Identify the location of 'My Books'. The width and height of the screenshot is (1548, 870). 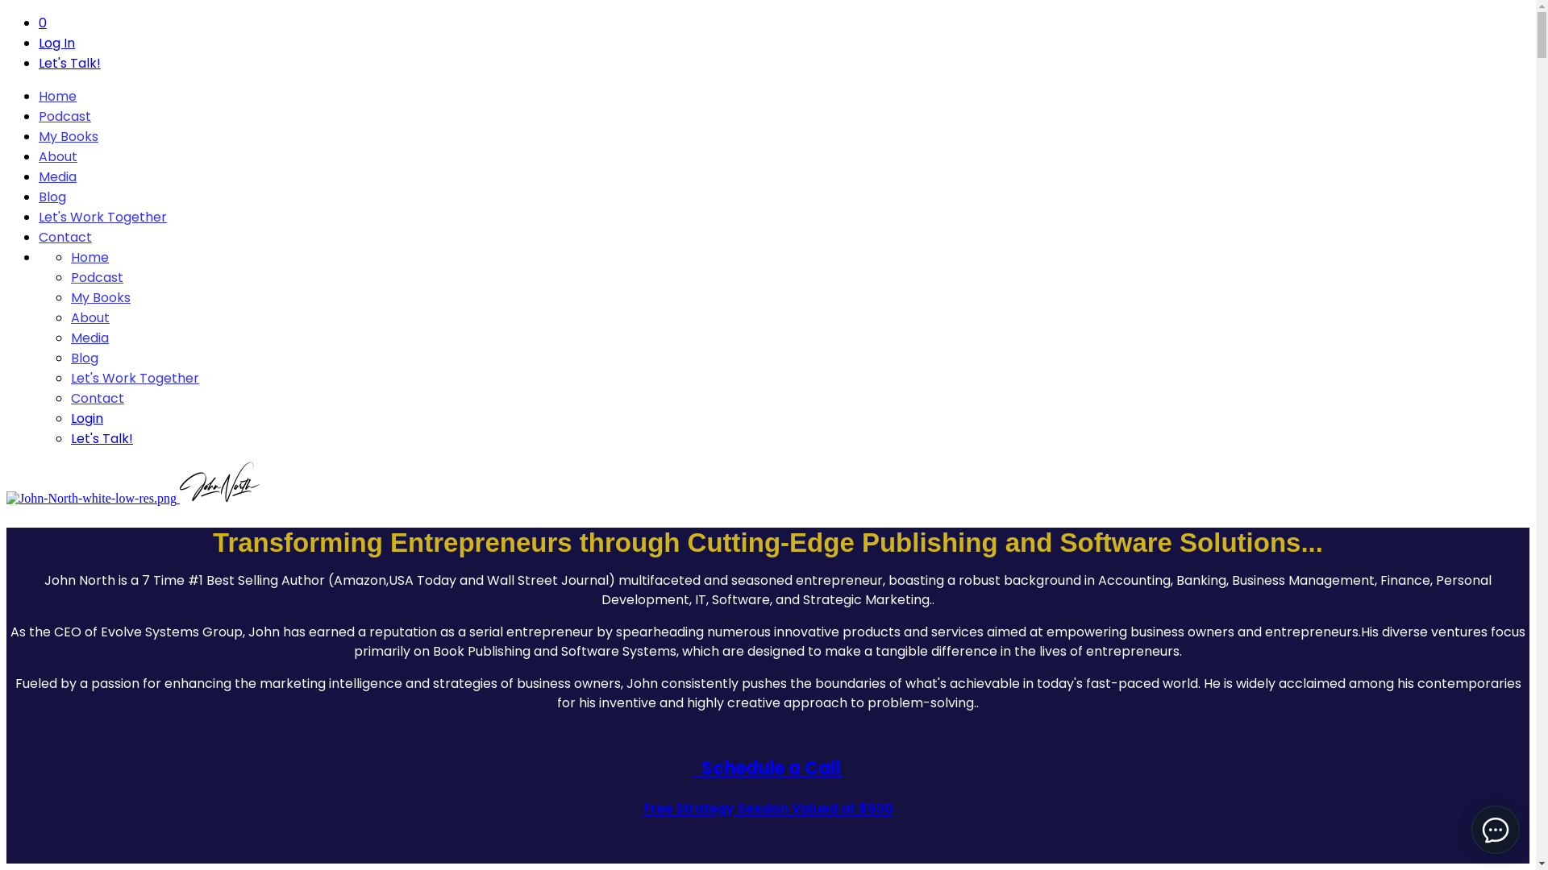
(99, 297).